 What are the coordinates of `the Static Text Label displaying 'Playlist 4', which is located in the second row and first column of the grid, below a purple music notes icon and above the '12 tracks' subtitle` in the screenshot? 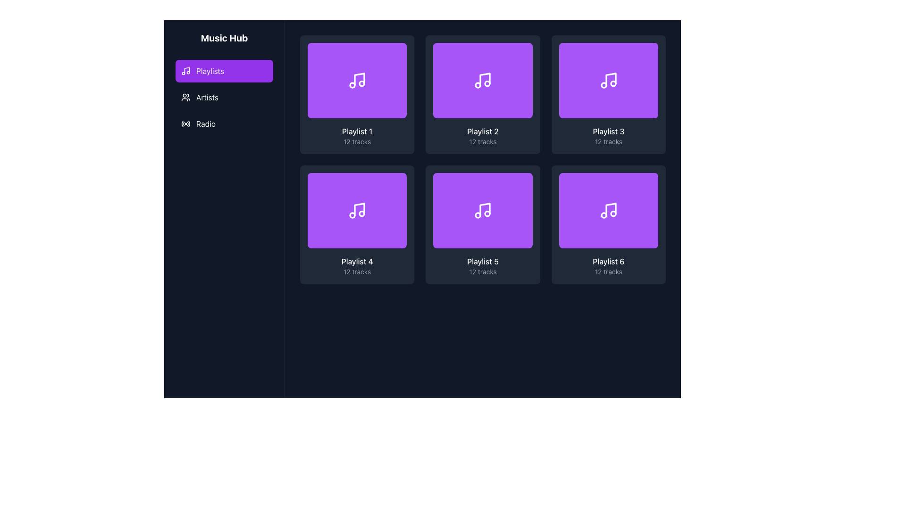 It's located at (357, 262).